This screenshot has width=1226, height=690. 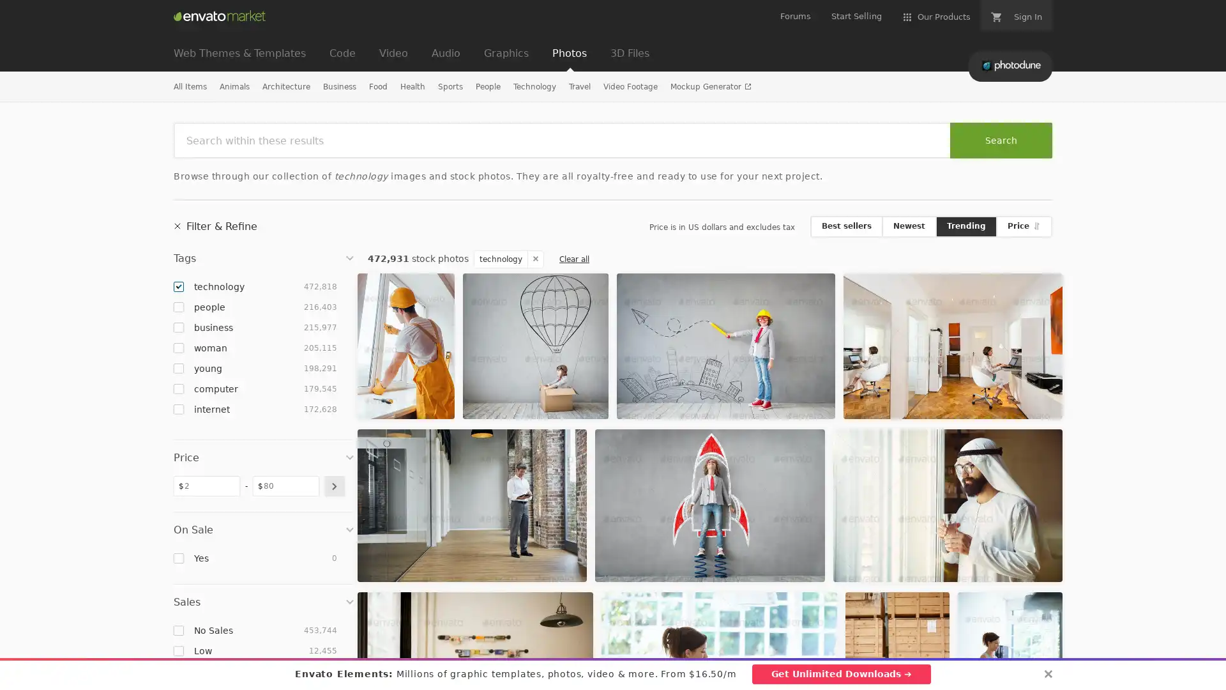 What do you see at coordinates (1045, 289) in the screenshot?
I see `Add to Favorites` at bounding box center [1045, 289].